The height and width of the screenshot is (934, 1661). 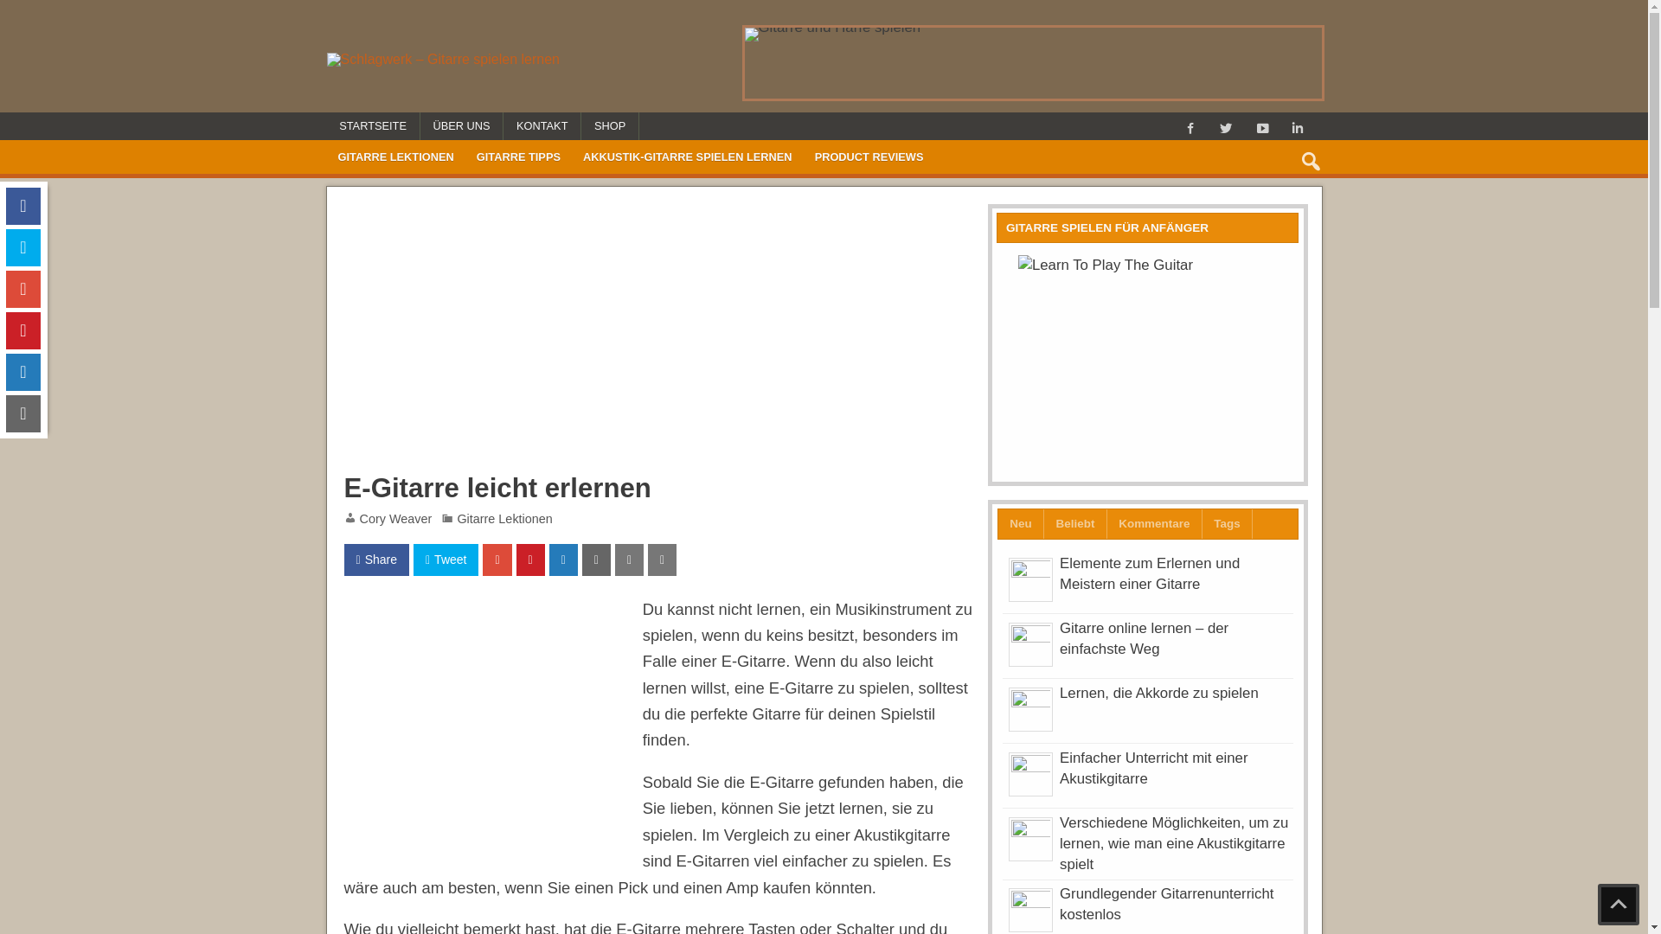 I want to click on 'Advertisement', so click(x=658, y=332).